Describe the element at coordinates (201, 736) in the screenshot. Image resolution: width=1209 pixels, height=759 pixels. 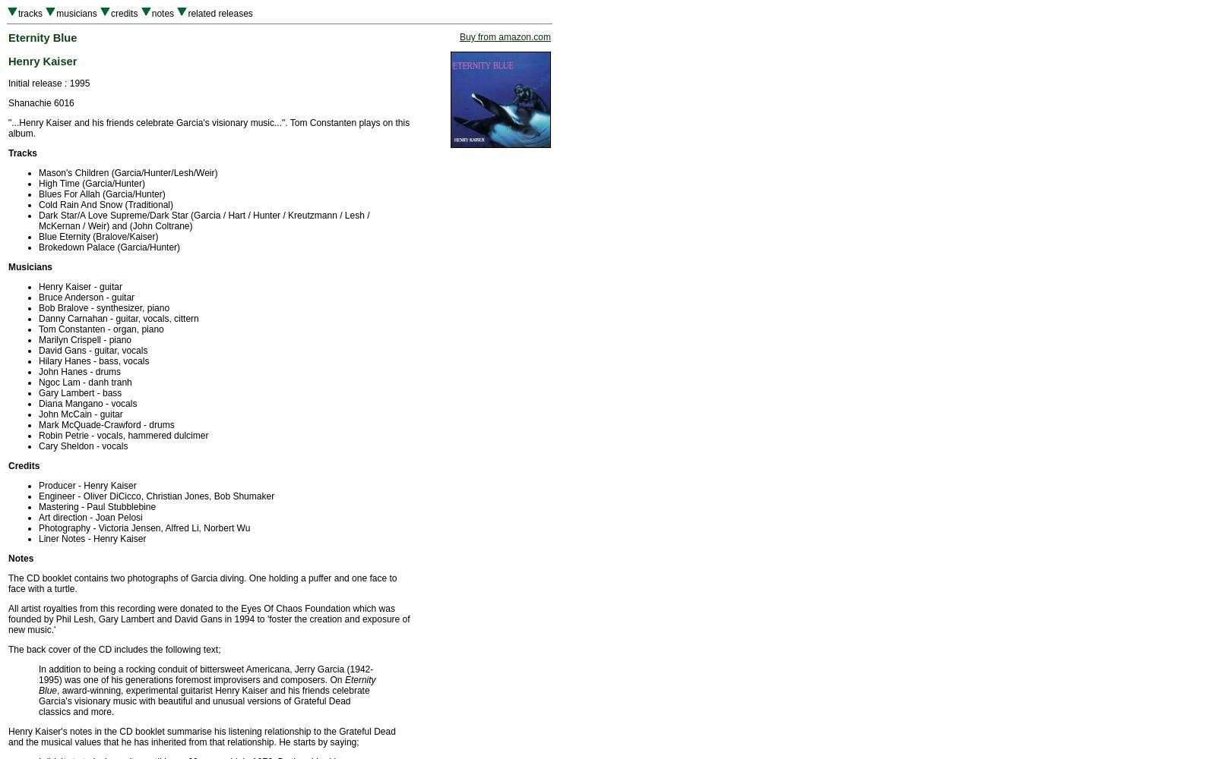
I see `'Henry Kaiser's notes in the CD booklet summarise his listening relationship to the Grateful Dead and the musical values that he has inherited from that relationship. He starts by saying;'` at that location.